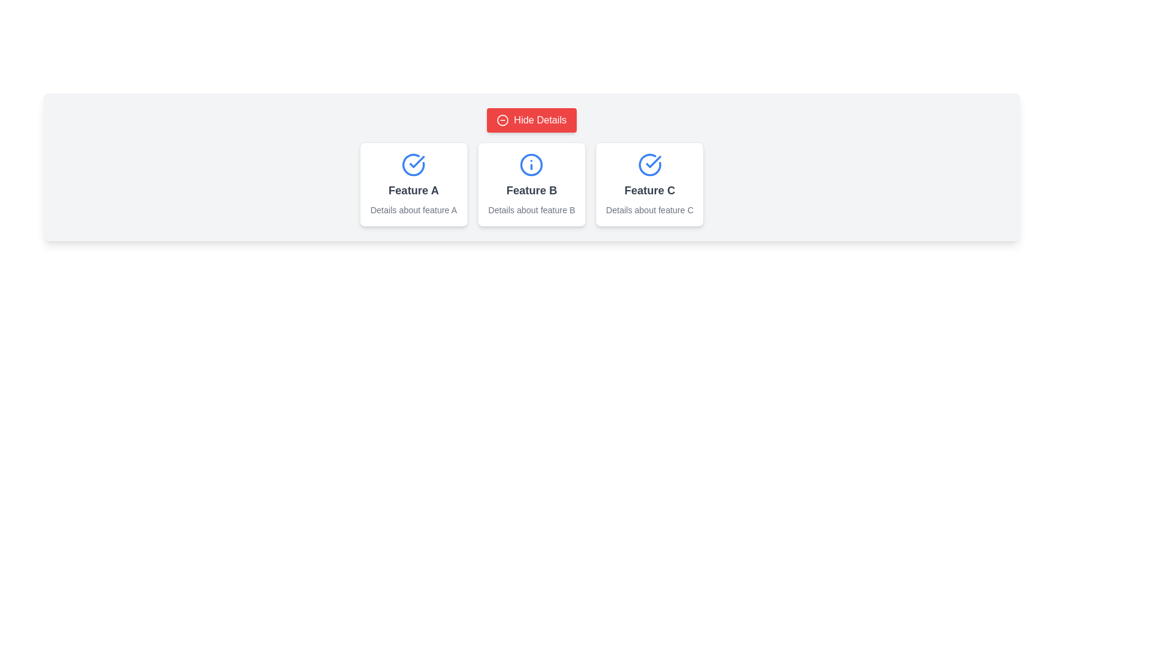 Image resolution: width=1173 pixels, height=660 pixels. Describe the element at coordinates (532, 209) in the screenshot. I see `the static text that states 'Details about feature B' located under the title 'Feature B' in the second card` at that location.